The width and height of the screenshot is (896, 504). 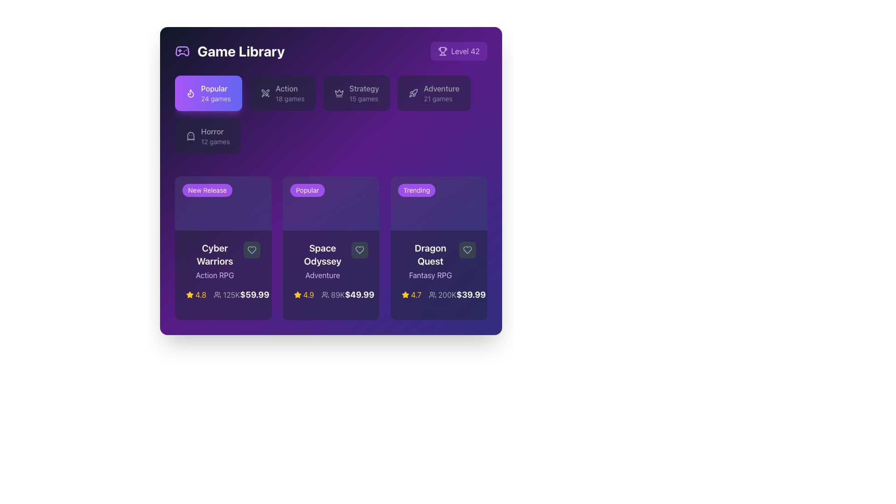 What do you see at coordinates (182, 51) in the screenshot?
I see `the first icon from the left in the header section next to the 'Game Library' title` at bounding box center [182, 51].